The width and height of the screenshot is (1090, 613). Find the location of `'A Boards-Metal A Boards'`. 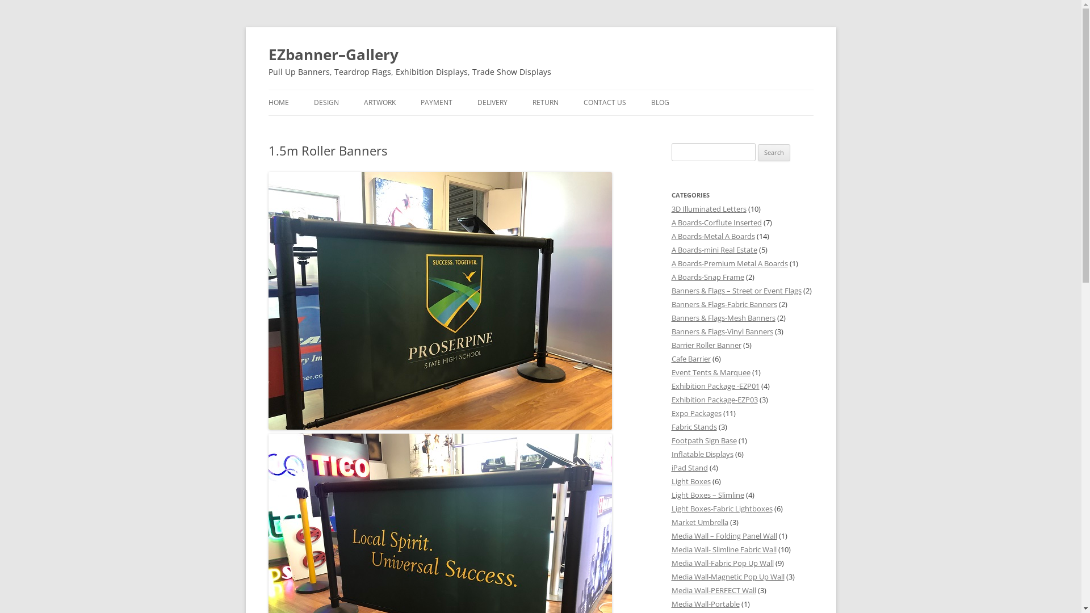

'A Boards-Metal A Boards' is located at coordinates (712, 236).